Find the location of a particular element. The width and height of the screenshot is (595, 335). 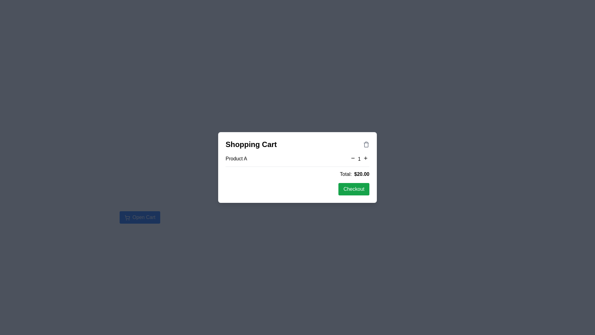

the interactive trash bin icon button located in the top-right corner of the shopping cart modal is located at coordinates (366, 145).